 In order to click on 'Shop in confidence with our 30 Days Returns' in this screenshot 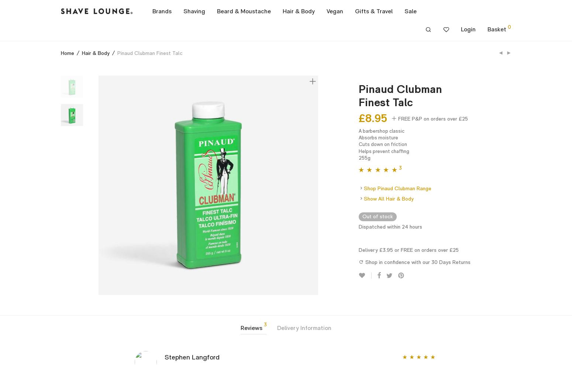, I will do `click(416, 261)`.